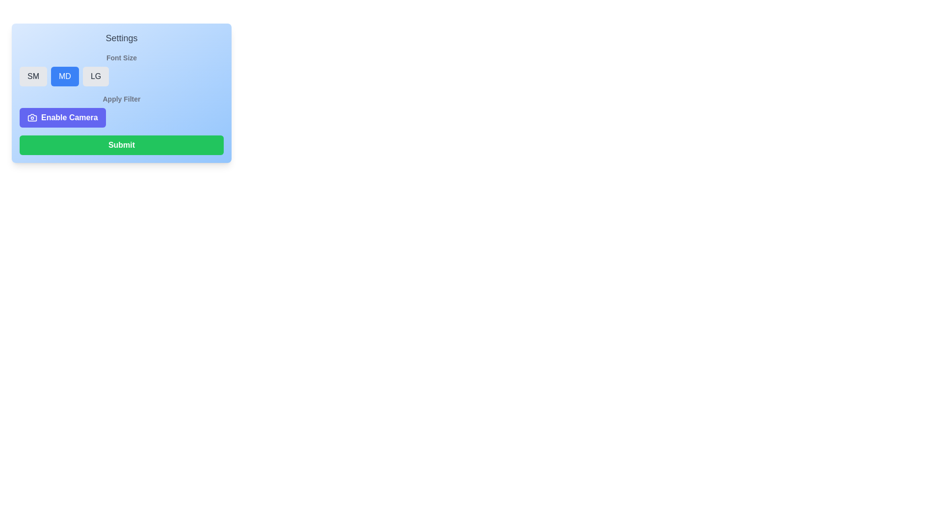 The width and height of the screenshot is (942, 530). What do you see at coordinates (32, 117) in the screenshot?
I see `the camera icon within the 'Enable Camera' button in the settings panel, which is styled to match the thematic color and positioned to the left of the button text` at bounding box center [32, 117].